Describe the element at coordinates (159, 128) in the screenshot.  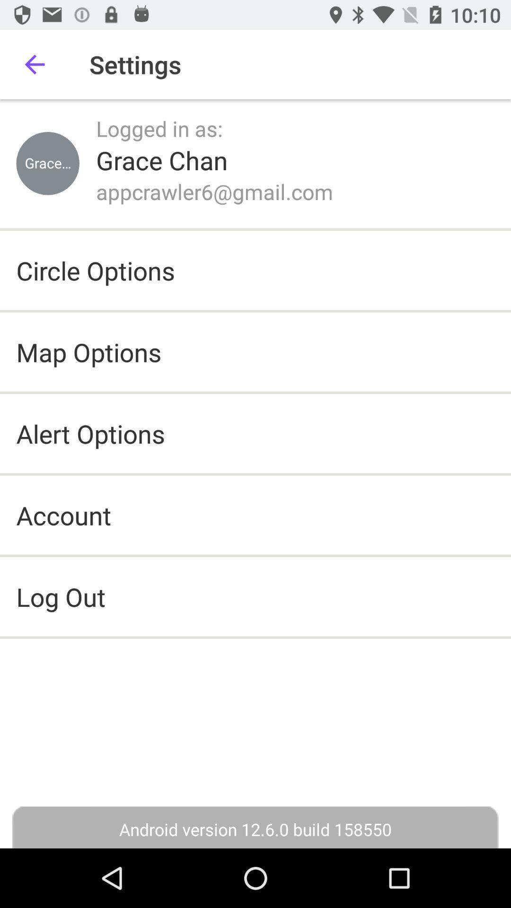
I see `the item below the settings icon` at that location.